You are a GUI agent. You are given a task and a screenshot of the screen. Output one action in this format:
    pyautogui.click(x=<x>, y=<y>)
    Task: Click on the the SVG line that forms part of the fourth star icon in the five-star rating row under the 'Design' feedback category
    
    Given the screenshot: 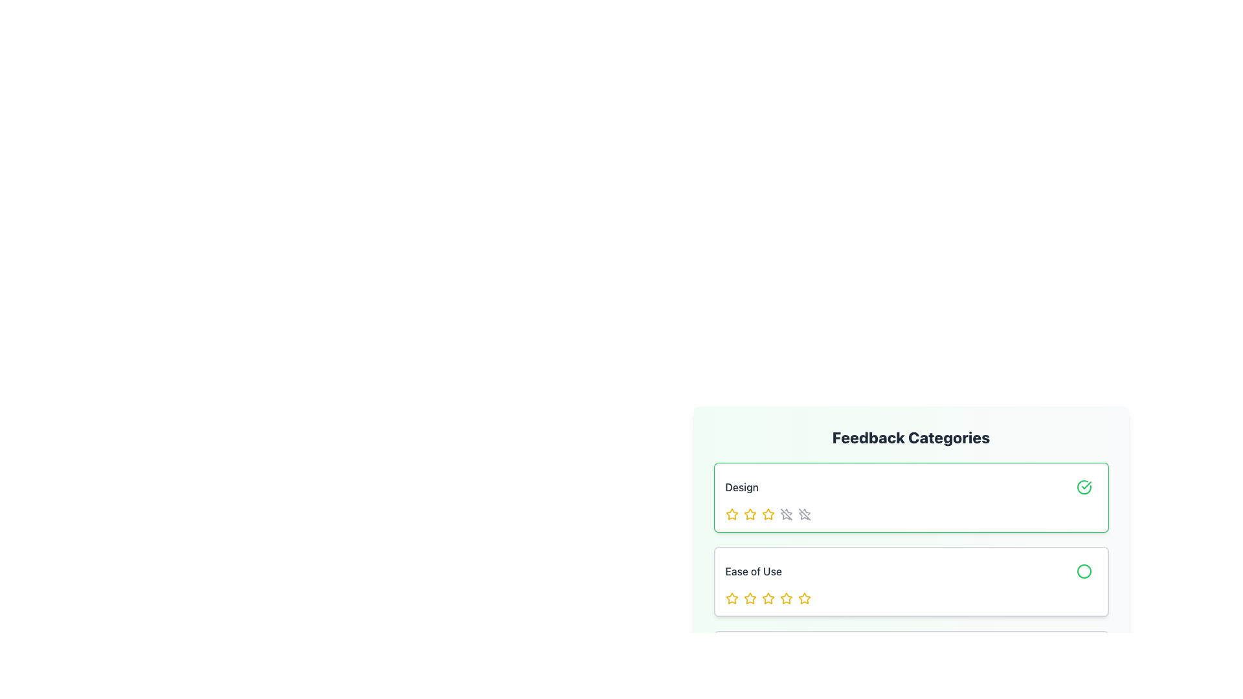 What is the action you would take?
    pyautogui.click(x=785, y=513)
    